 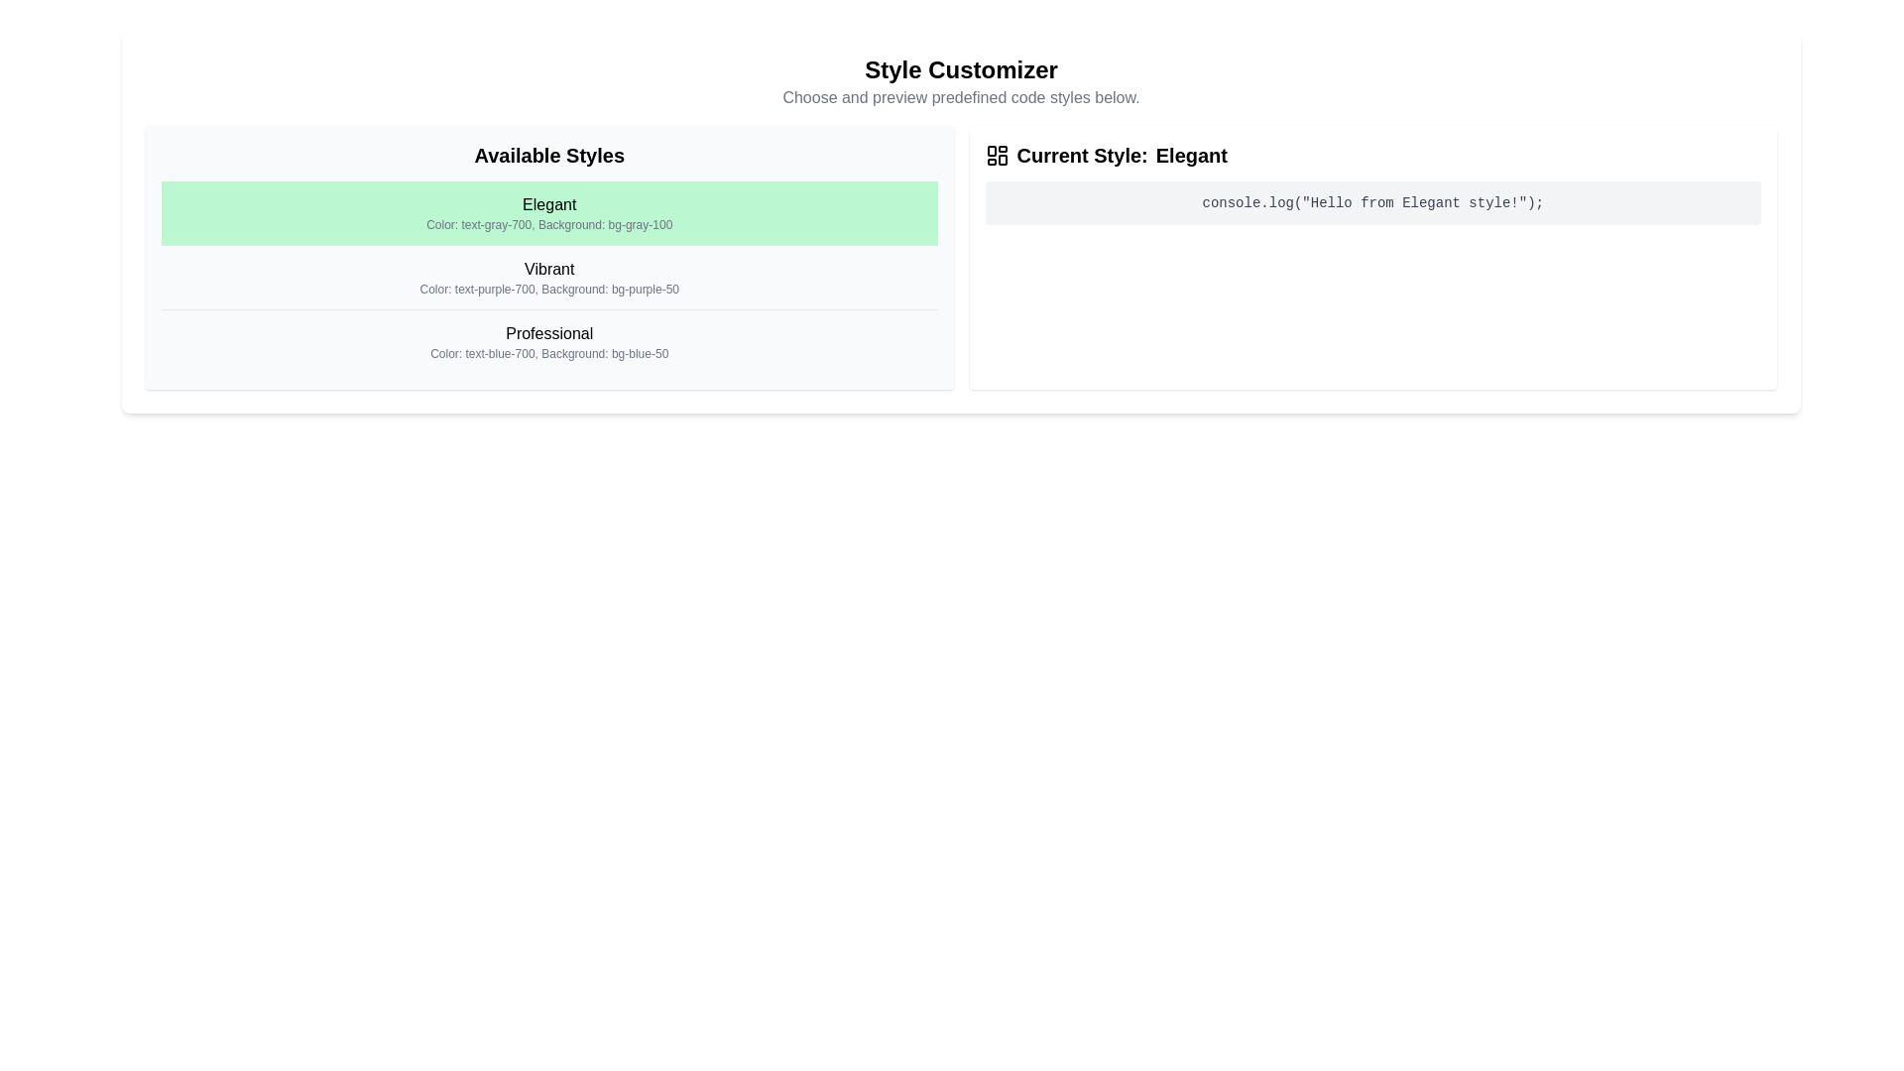 I want to click on the informational text label displaying 'Color: text-gray-700, Background: bg-gray-100', which is located below the 'Elegant' label in a green background, so click(x=549, y=224).